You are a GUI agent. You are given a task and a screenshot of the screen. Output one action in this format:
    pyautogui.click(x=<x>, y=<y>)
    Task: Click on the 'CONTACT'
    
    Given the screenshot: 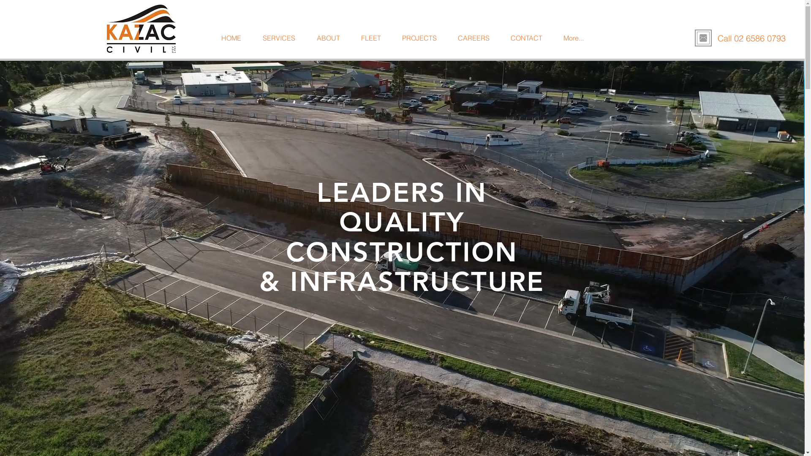 What is the action you would take?
    pyautogui.click(x=526, y=38)
    